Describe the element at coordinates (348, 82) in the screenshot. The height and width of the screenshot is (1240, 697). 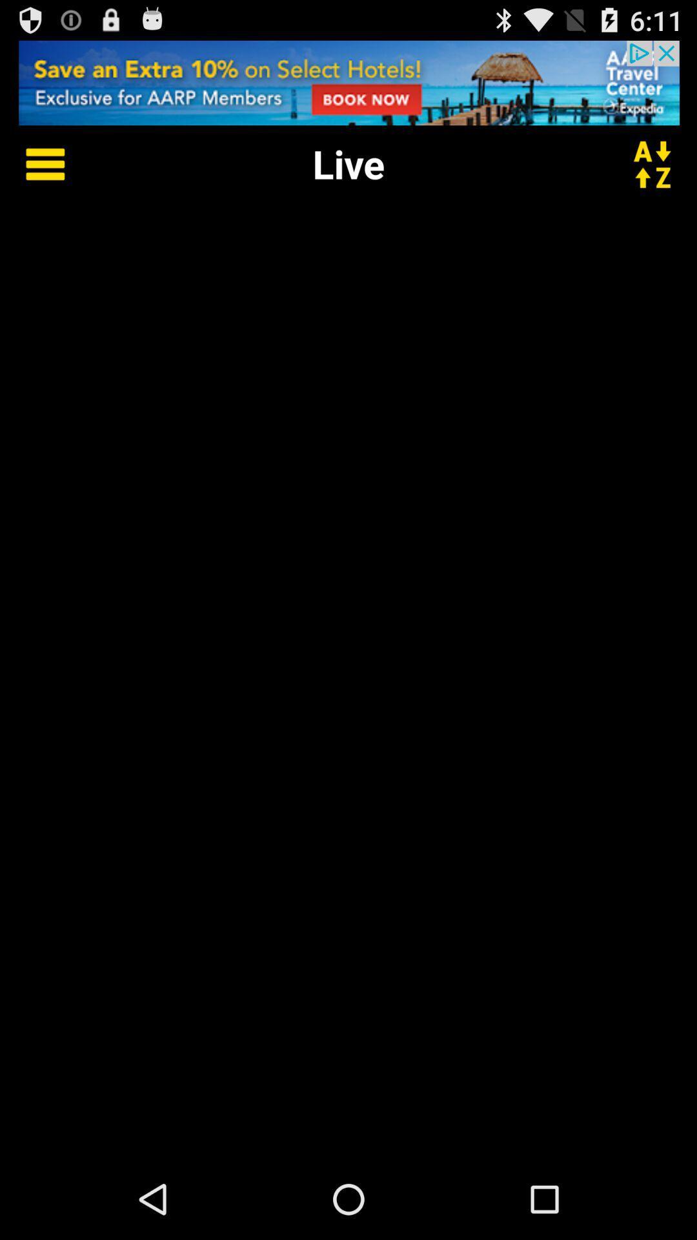
I see `advertisement` at that location.